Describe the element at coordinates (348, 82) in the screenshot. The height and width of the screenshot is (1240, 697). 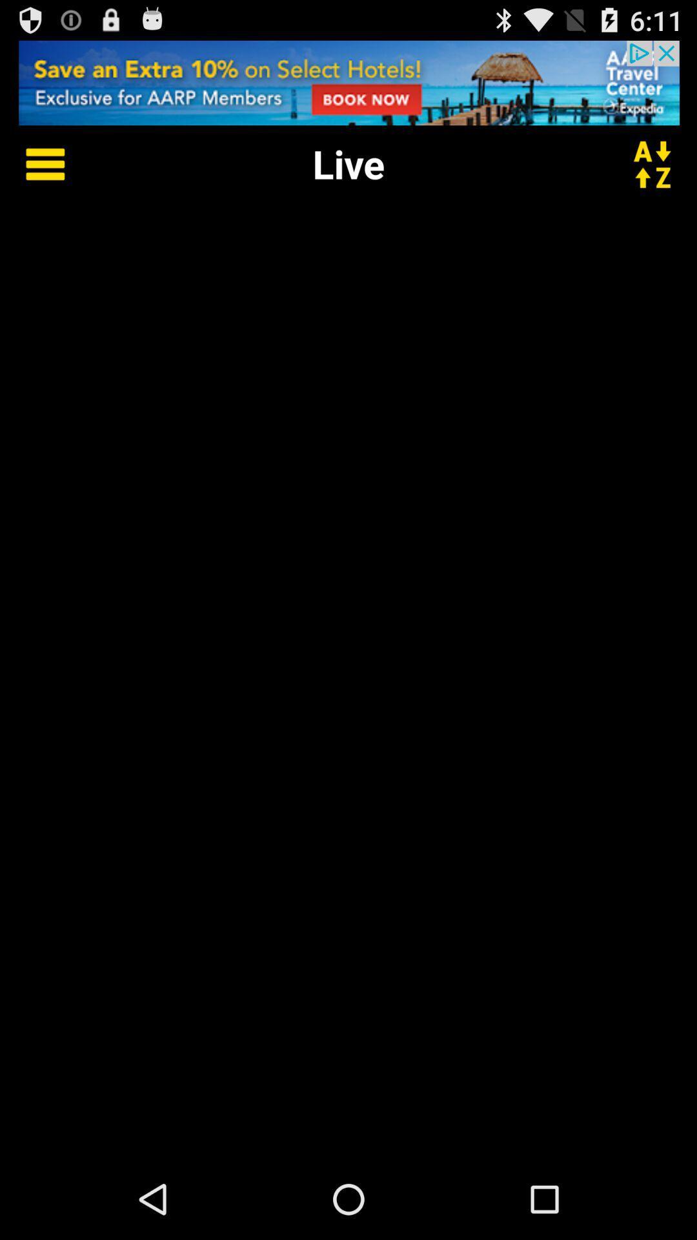
I see `advertisement` at that location.